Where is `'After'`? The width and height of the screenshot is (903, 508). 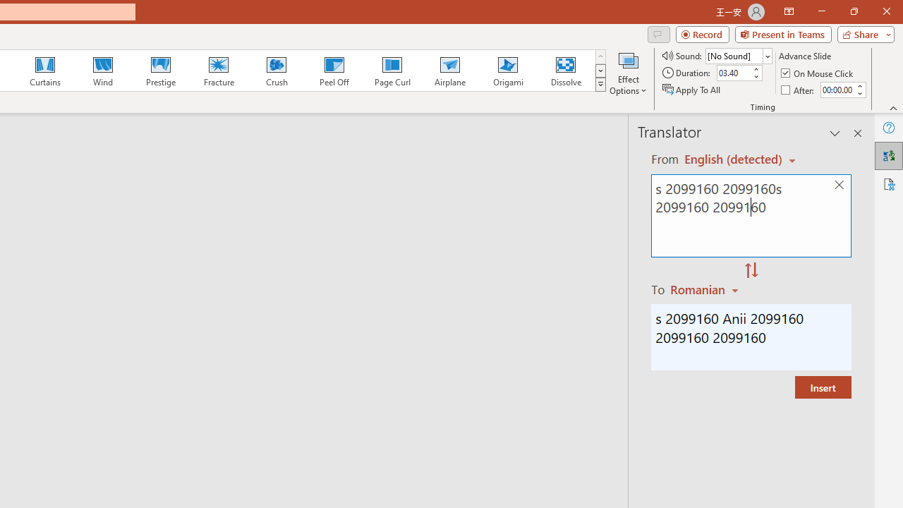 'After' is located at coordinates (799, 90).